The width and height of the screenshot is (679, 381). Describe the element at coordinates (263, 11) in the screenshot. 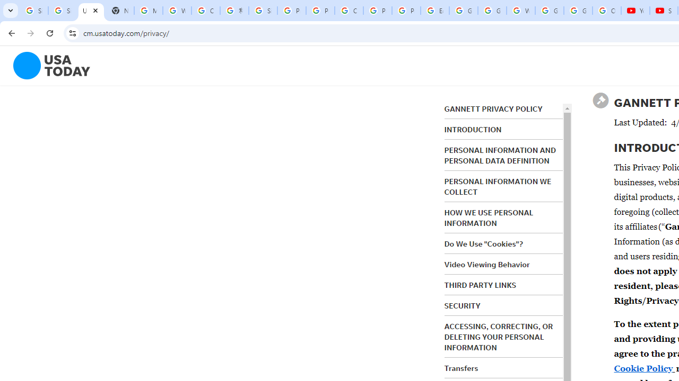

I see `'Sign in - Google Accounts'` at that location.